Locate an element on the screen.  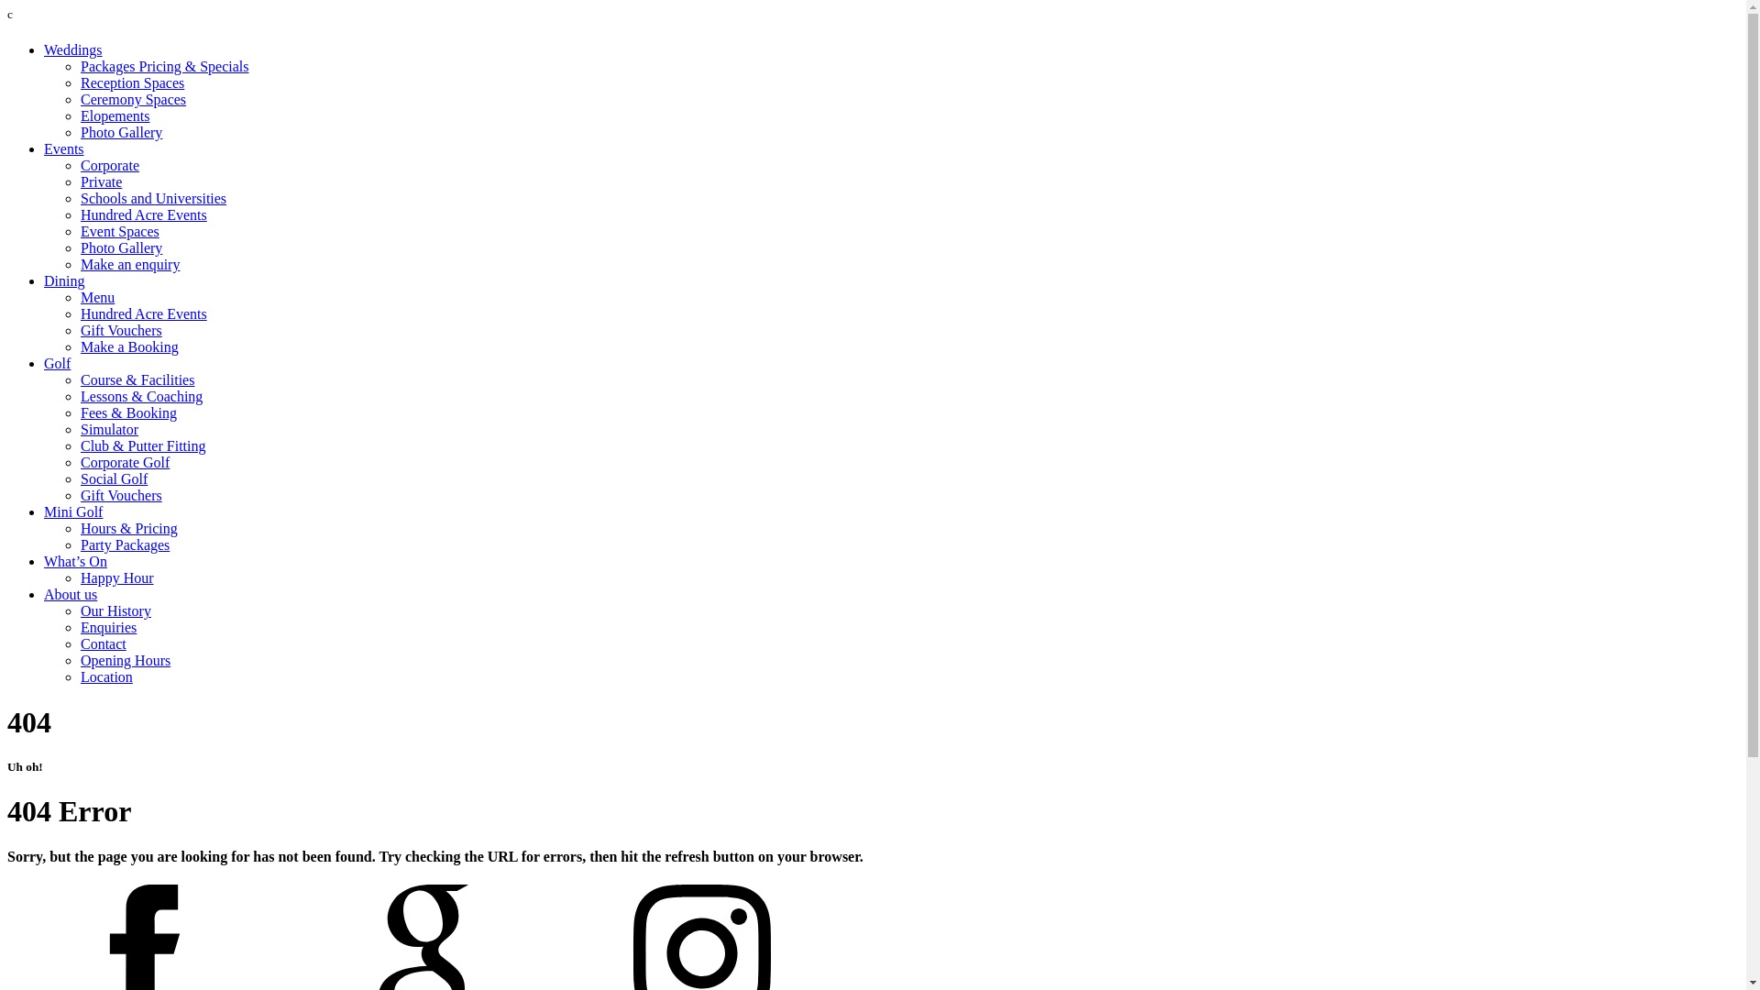
'Gift Vouchers' is located at coordinates (120, 330).